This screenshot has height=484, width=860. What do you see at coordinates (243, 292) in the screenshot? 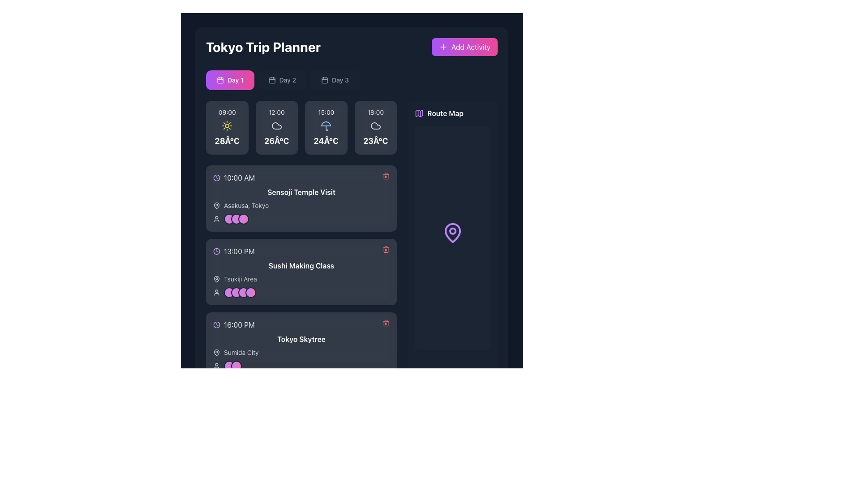
I see `the third circular icon with a gradient background transitioning from purple to pink, outlined by a gray border, in the 'Sushi Making Class' section of the itinerary` at bounding box center [243, 292].